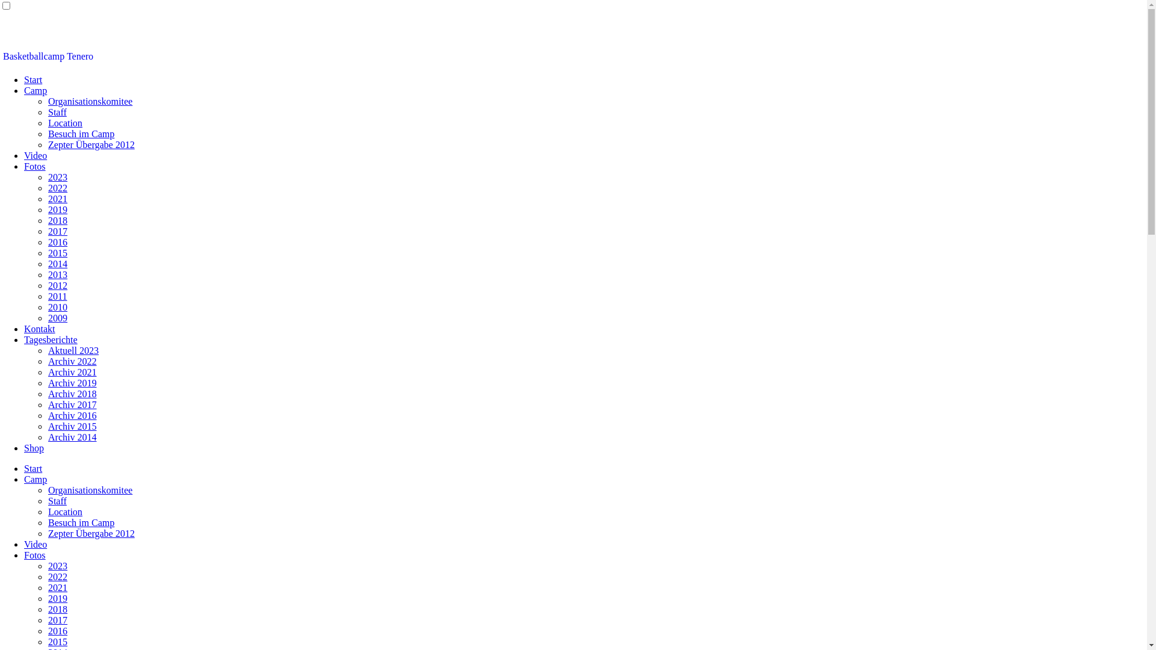  Describe the element at coordinates (57, 587) in the screenshot. I see `'2021'` at that location.